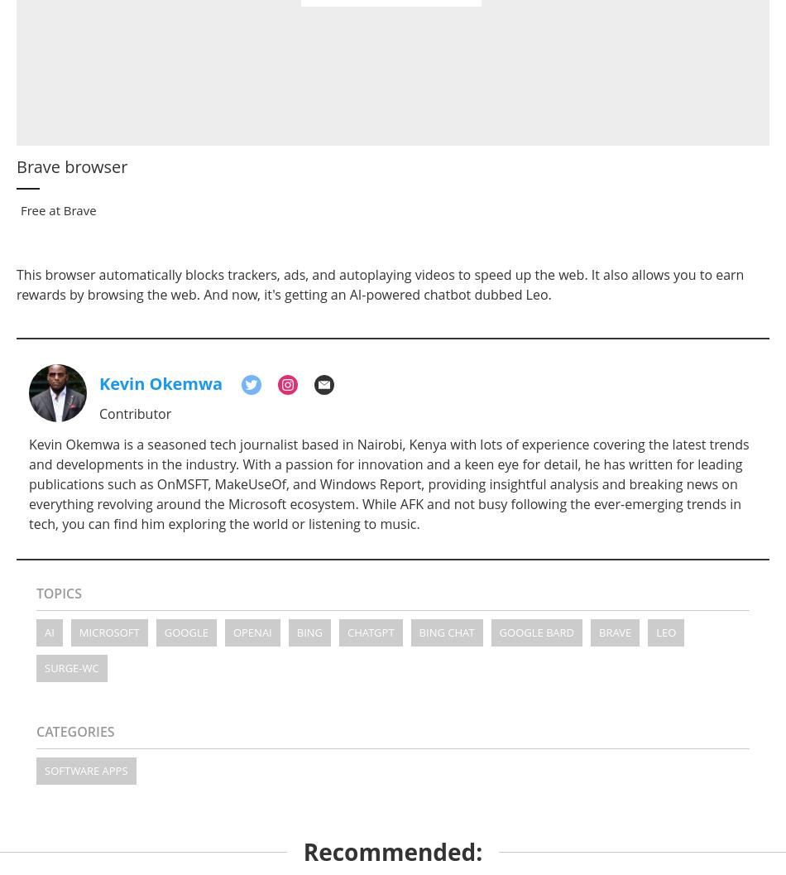 The image size is (786, 875). Describe the element at coordinates (387, 483) in the screenshot. I see `'Kevin Okemwa is a seasoned tech journalist based in Nairobi, Kenya with lots of experience covering the latest trends and developments in the industry. With a passion for innovation and a keen eye for detail, he has written for leading publications such as OnMSFT, MakeUseOf, and Windows Report, providing insightful analysis and breaking news on everything revolving around the Microsoft ecosystem. While AFK and not busy following the ever-emerging trends in tech, you can find him exploring the world or listening to music.'` at that location.